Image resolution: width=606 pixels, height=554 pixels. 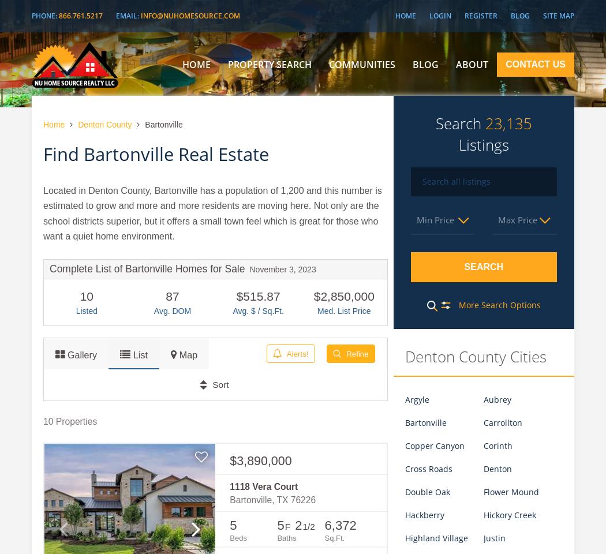 What do you see at coordinates (481, 15) in the screenshot?
I see `'Register'` at bounding box center [481, 15].